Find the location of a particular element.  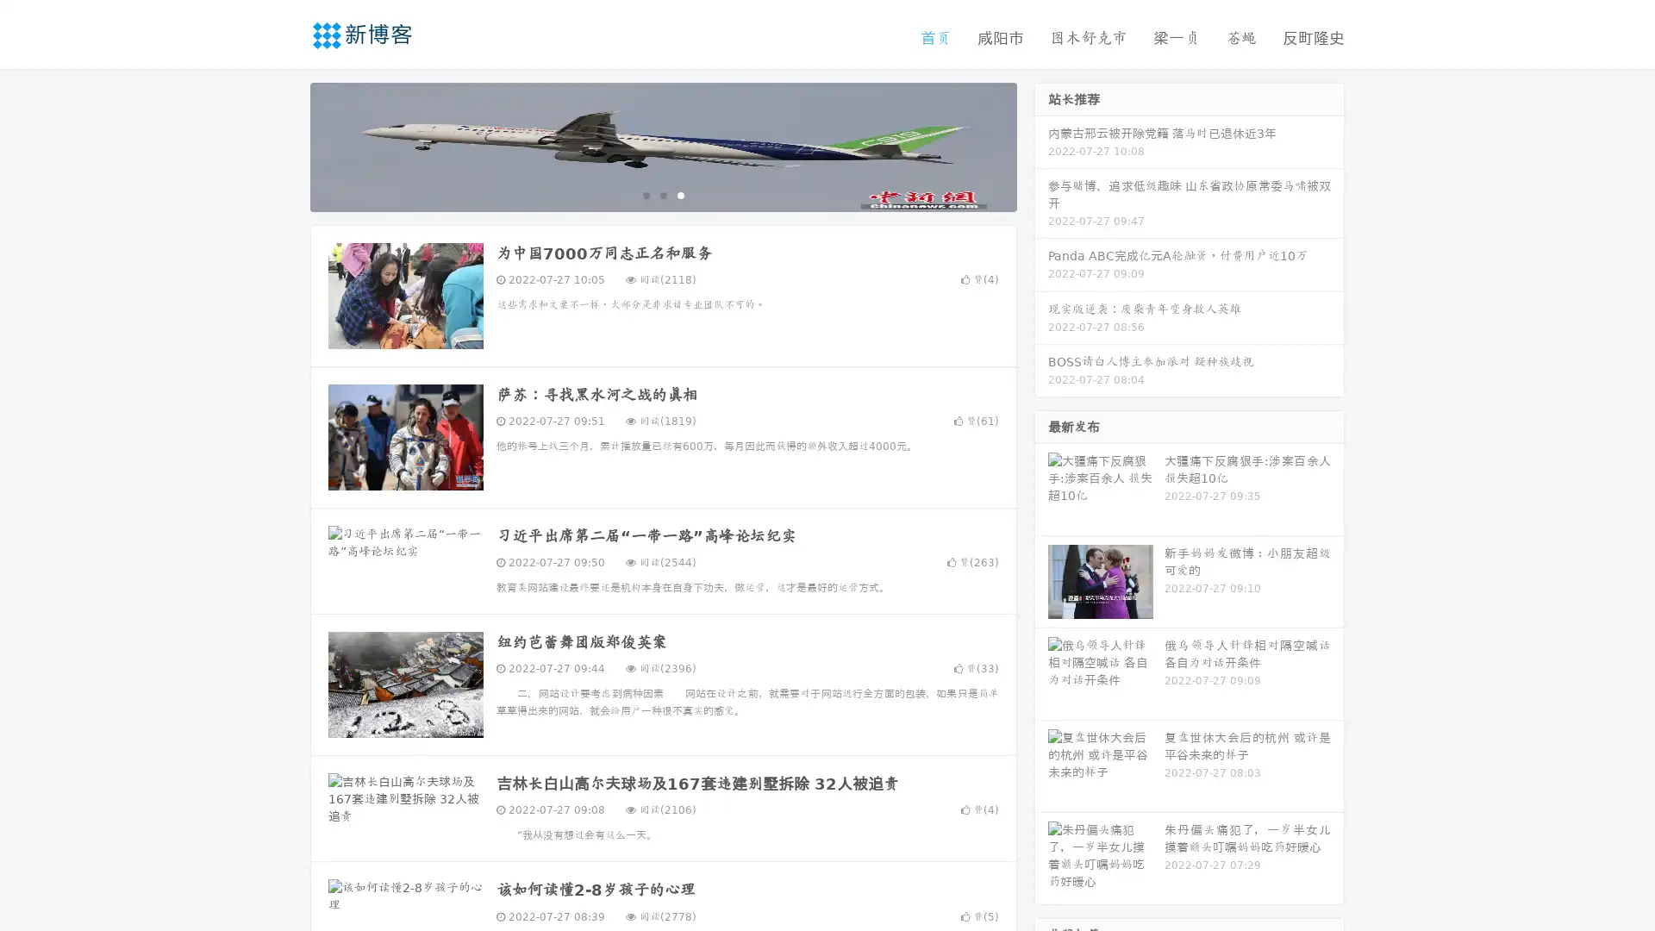

Go to slide 3 is located at coordinates (680, 194).